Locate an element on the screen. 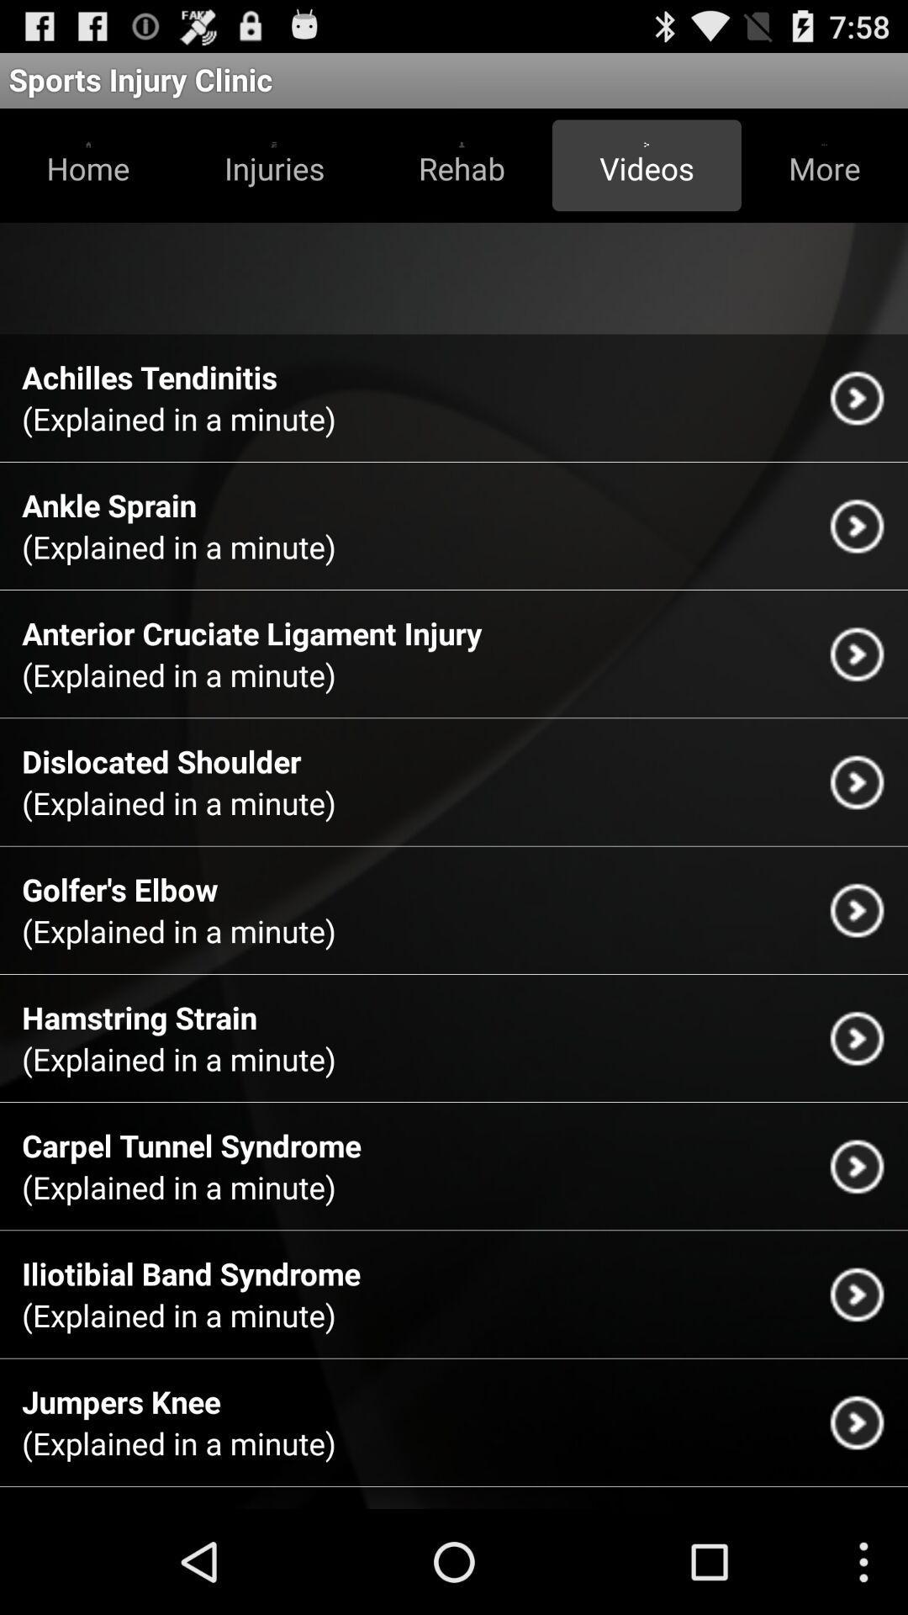 The image size is (908, 1615). the rehab button is located at coordinates (462, 165).